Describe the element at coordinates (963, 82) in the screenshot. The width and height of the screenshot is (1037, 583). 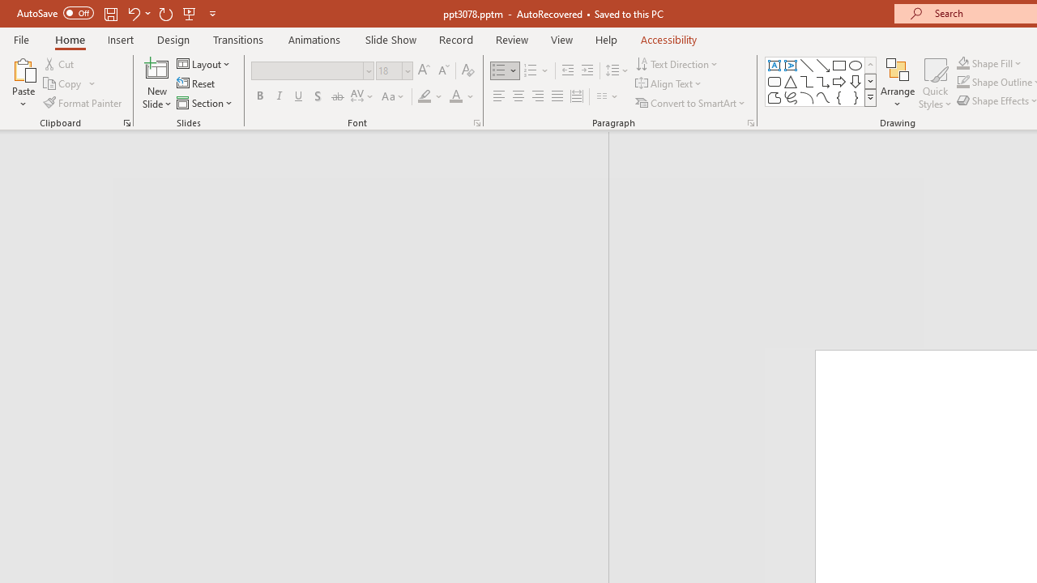
I see `'Shape Outline Green, Accent 1'` at that location.